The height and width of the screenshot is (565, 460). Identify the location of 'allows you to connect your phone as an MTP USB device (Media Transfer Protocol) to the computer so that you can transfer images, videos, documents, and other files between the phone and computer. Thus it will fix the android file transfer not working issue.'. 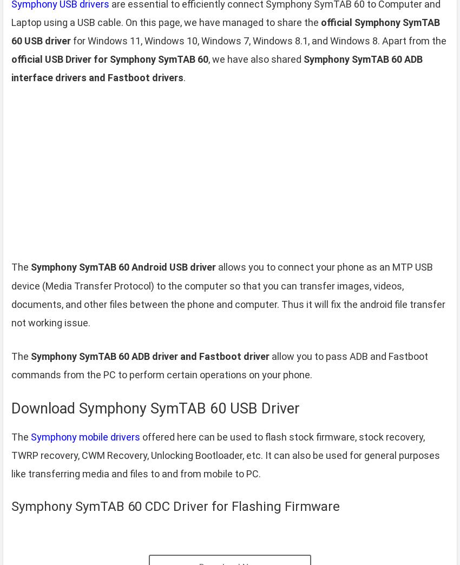
(228, 294).